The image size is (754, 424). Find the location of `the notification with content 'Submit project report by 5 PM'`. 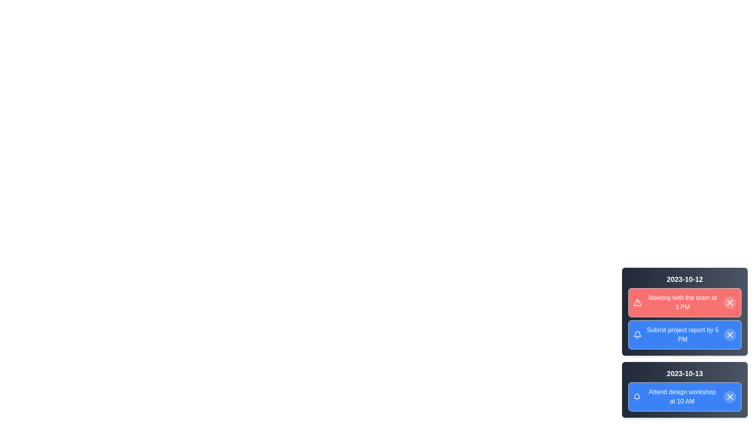

the notification with content 'Submit project report by 5 PM' is located at coordinates (684, 334).